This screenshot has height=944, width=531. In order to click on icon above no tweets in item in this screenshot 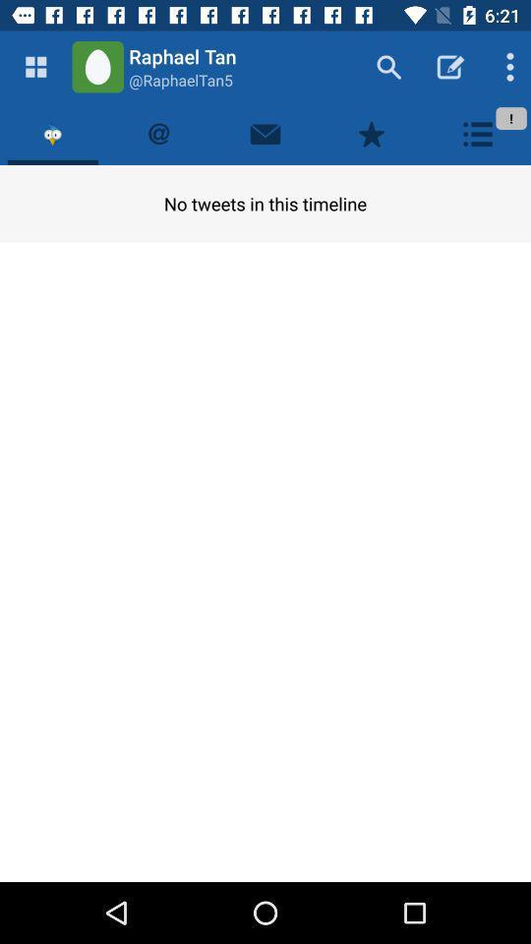, I will do `click(477, 133)`.